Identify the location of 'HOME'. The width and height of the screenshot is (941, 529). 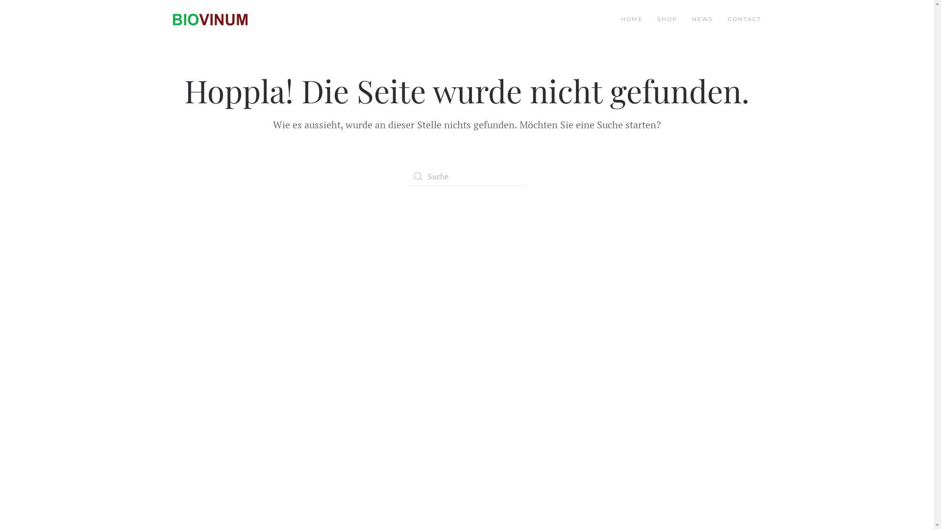
(631, 19).